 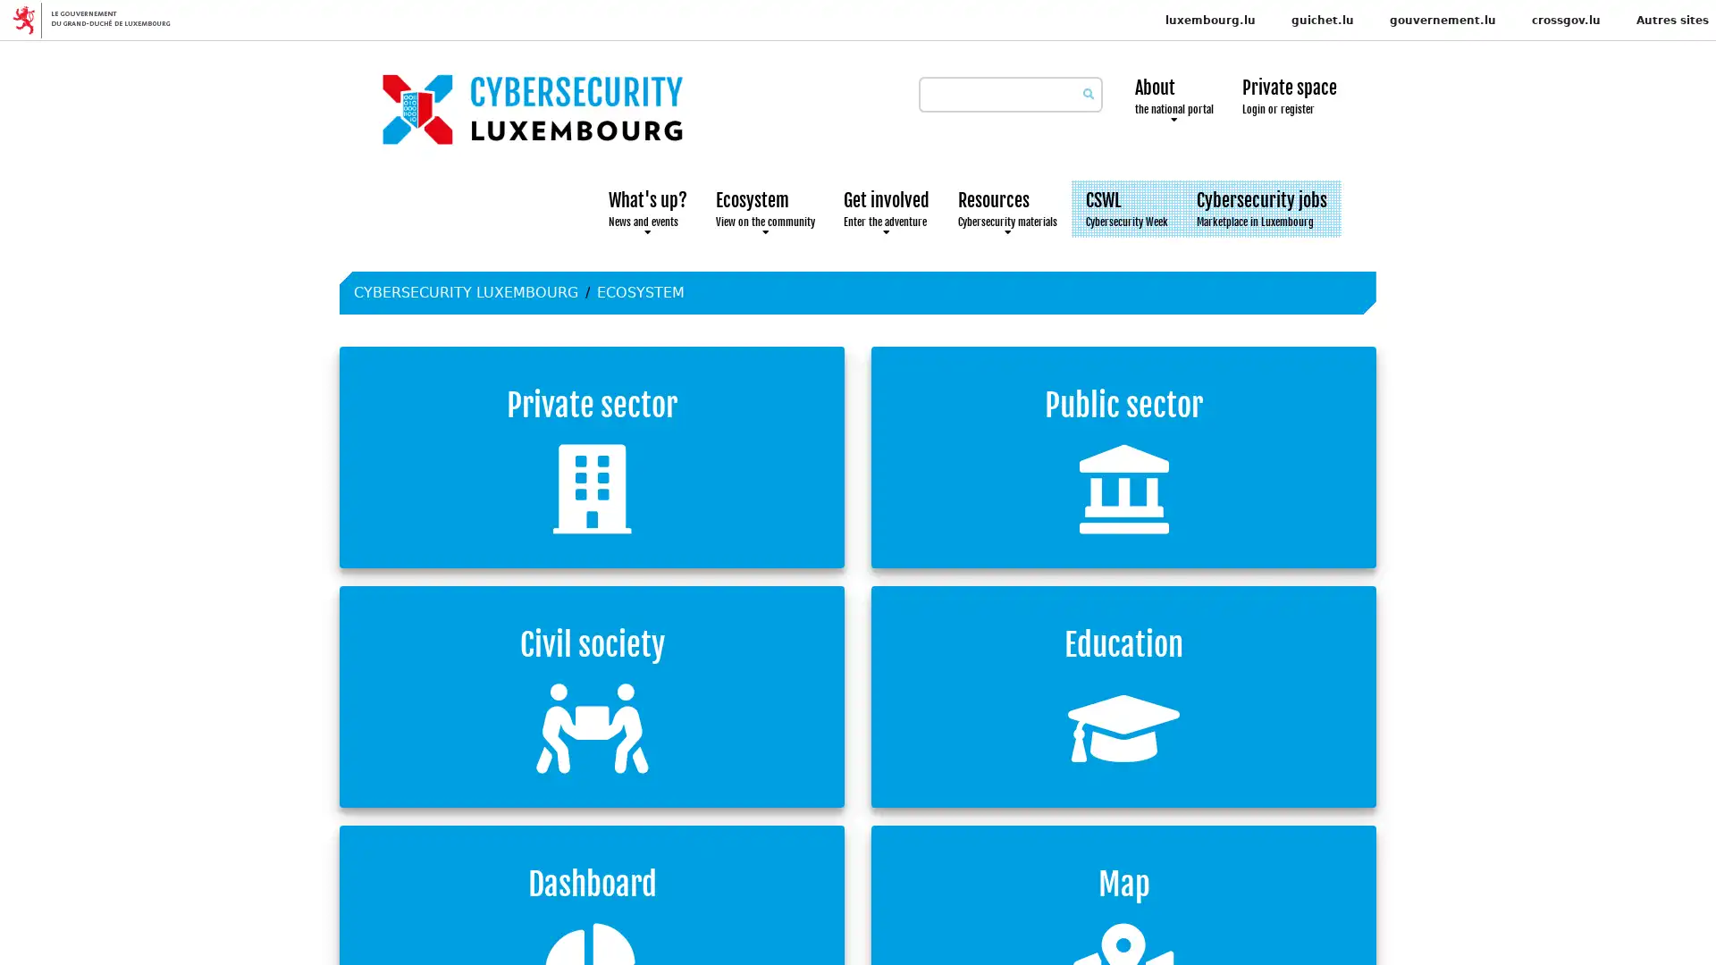 What do you see at coordinates (1126, 208) in the screenshot?
I see `CSWL Cybersecurity Week` at bounding box center [1126, 208].